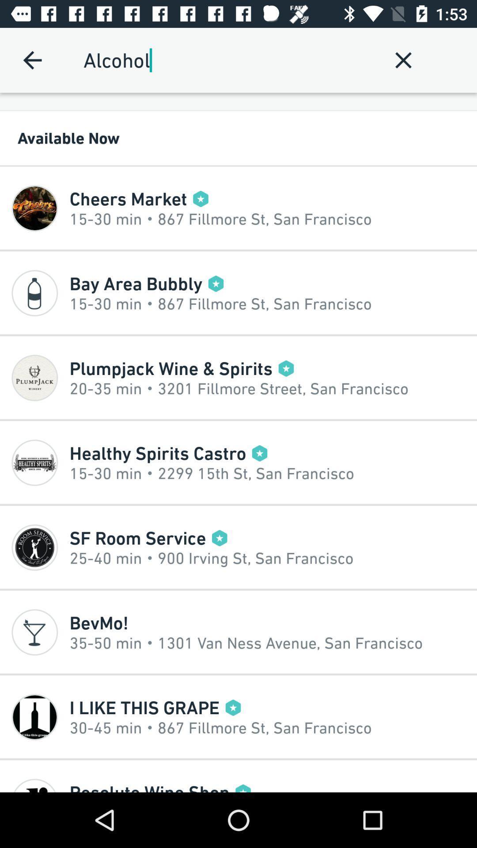 Image resolution: width=477 pixels, height=848 pixels. What do you see at coordinates (227, 60) in the screenshot?
I see `the field which says alcohol` at bounding box center [227, 60].